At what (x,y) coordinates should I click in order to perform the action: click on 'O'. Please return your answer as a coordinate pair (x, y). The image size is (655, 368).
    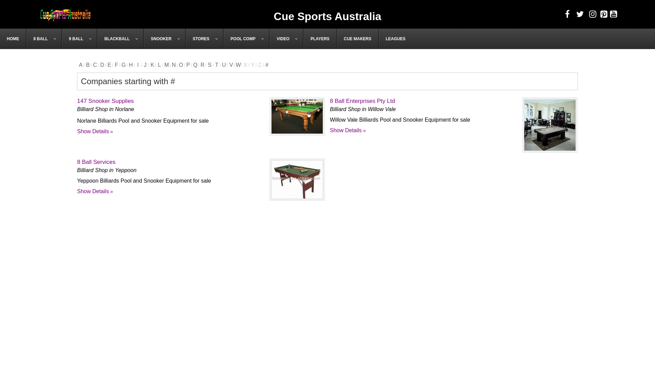
    Looking at the image, I should click on (181, 65).